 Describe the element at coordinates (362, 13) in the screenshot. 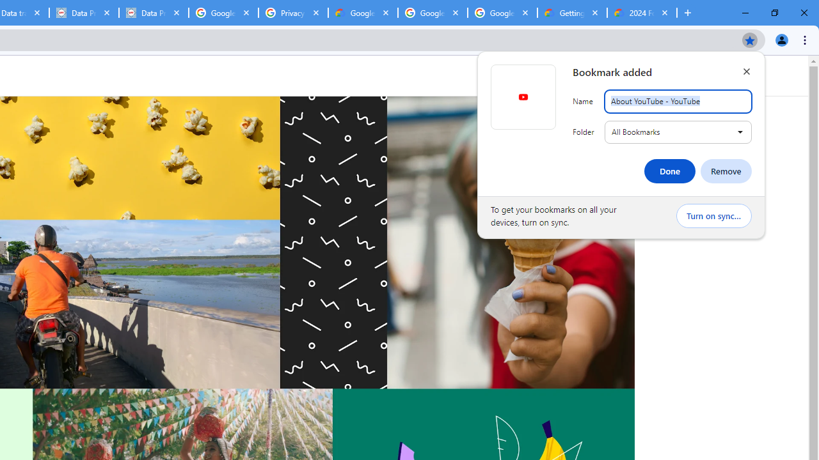

I see `'Google Cloud Terms Directory | Google Cloud'` at that location.